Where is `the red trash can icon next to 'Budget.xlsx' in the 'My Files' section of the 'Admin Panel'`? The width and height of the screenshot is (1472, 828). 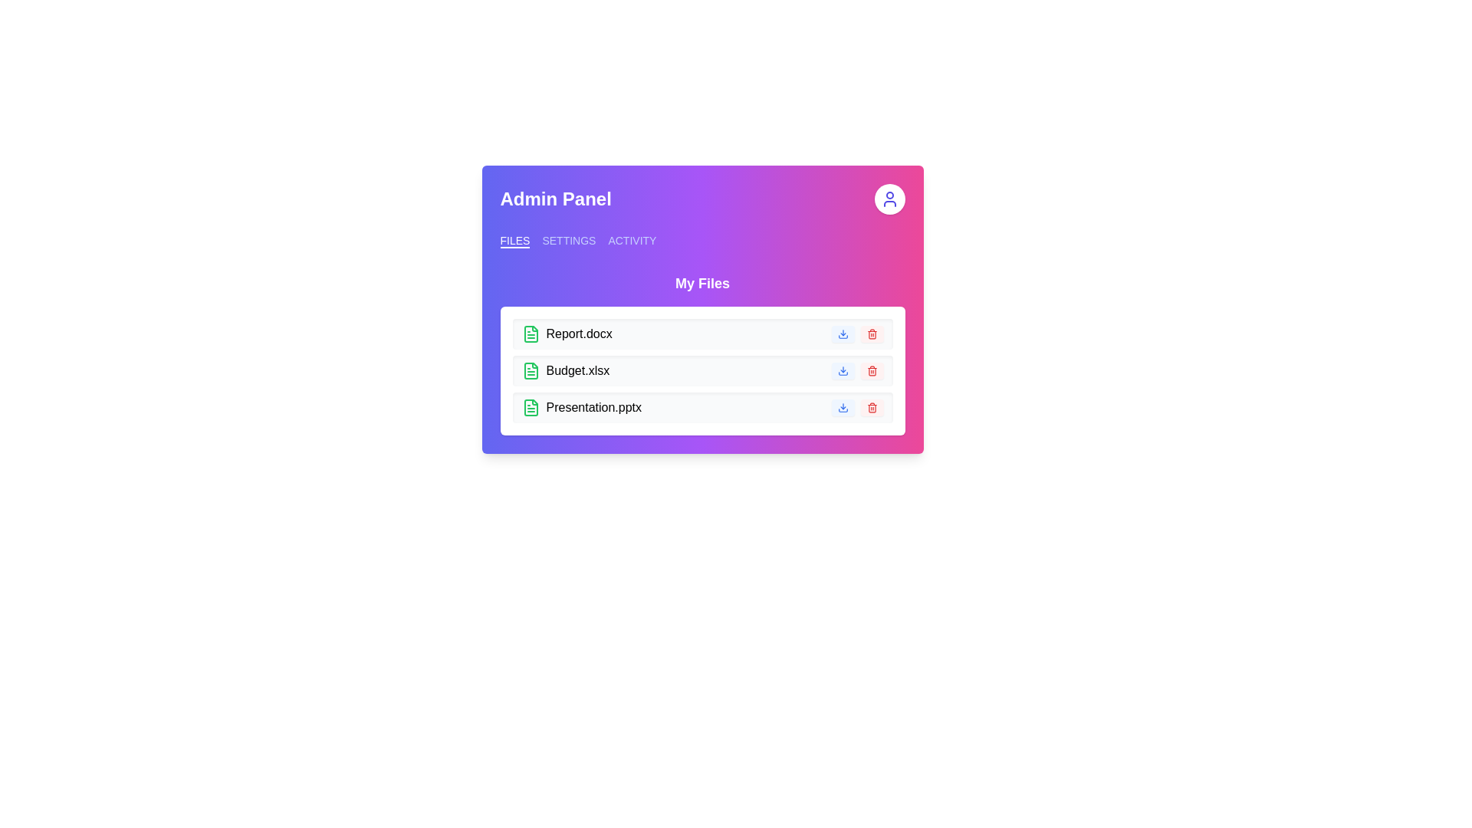
the red trash can icon next to 'Budget.xlsx' in the 'My Files' section of the 'Admin Panel' is located at coordinates (872, 370).